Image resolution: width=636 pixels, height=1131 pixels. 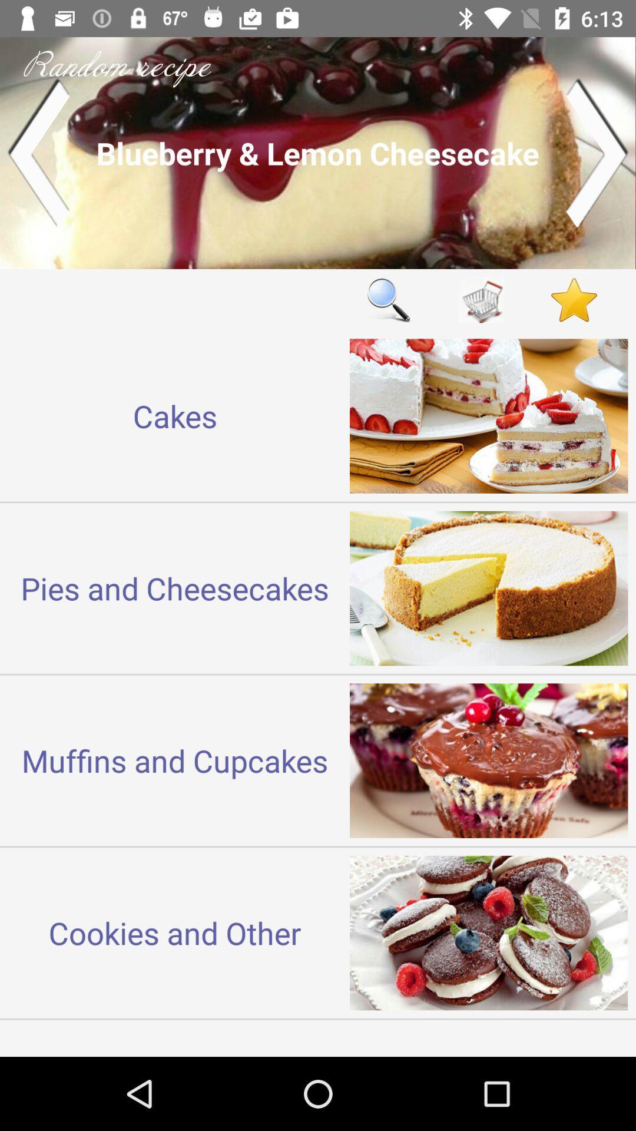 What do you see at coordinates (175, 588) in the screenshot?
I see `the item below the cakes item` at bounding box center [175, 588].